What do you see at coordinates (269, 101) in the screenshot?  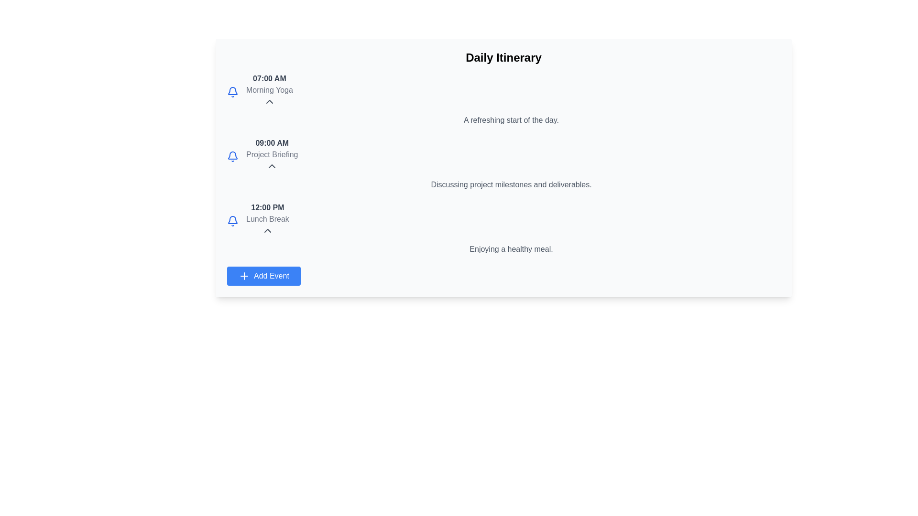 I see `the chevron button to collapse the 'Morning Yoga' section` at bounding box center [269, 101].